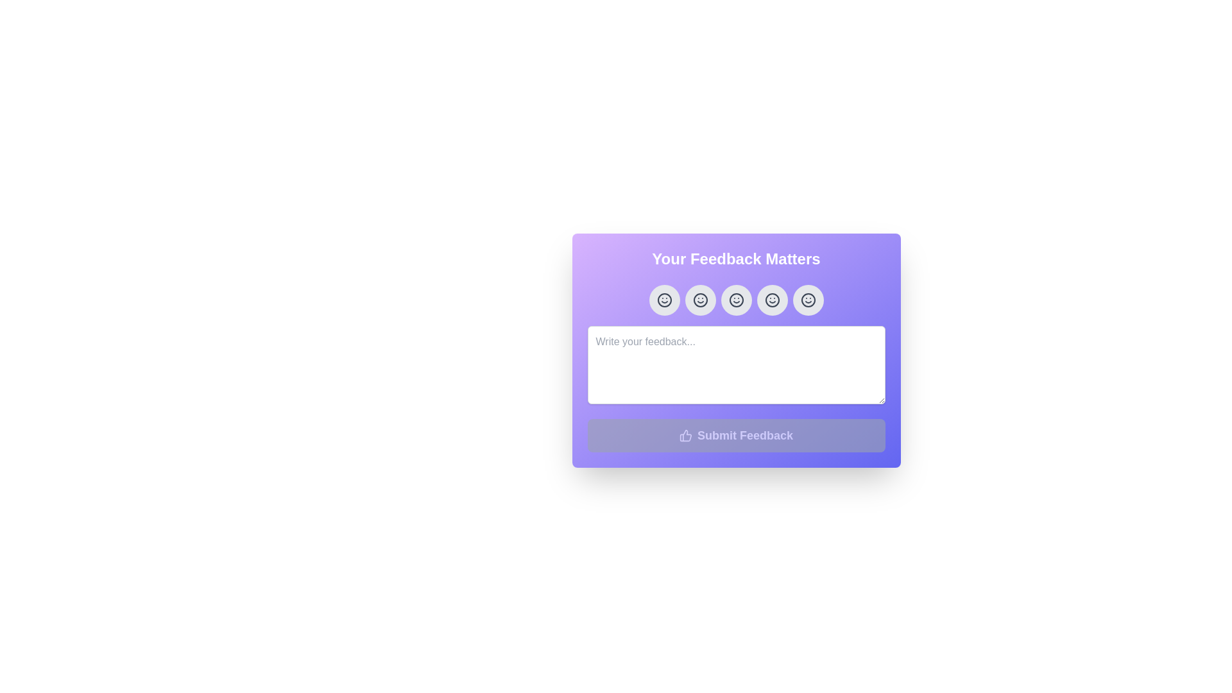 The height and width of the screenshot is (693, 1232). I want to click on the third smiley face icon in the row below the heading 'Your Feedback Matters', which is a circular shape with a border and no fill, so click(736, 300).